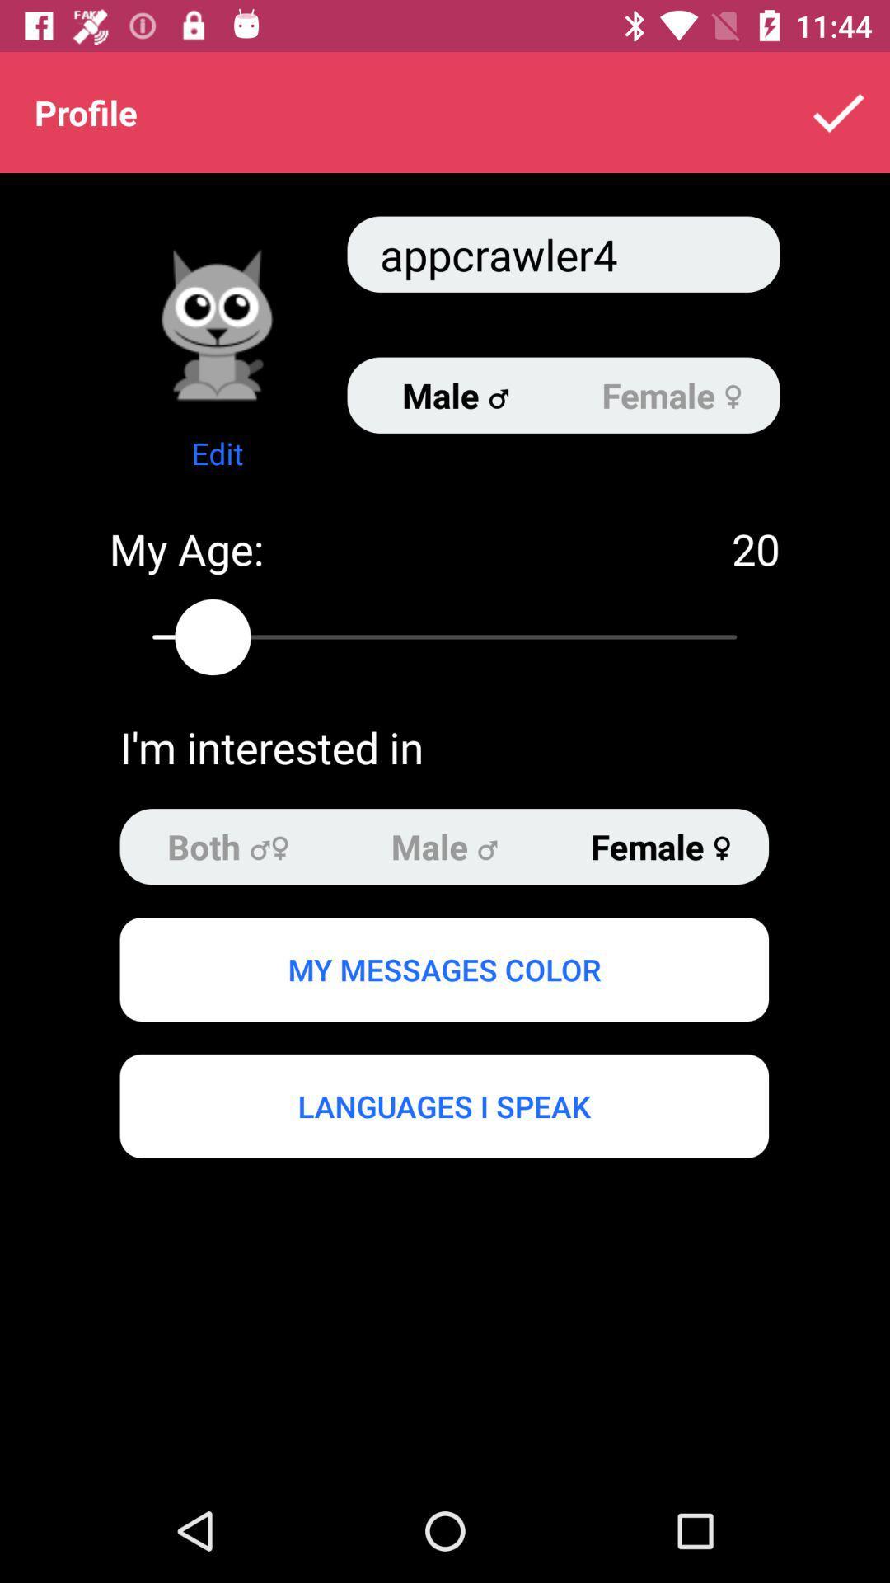 The image size is (890, 1583). What do you see at coordinates (562, 253) in the screenshot?
I see `the appcrawler4` at bounding box center [562, 253].